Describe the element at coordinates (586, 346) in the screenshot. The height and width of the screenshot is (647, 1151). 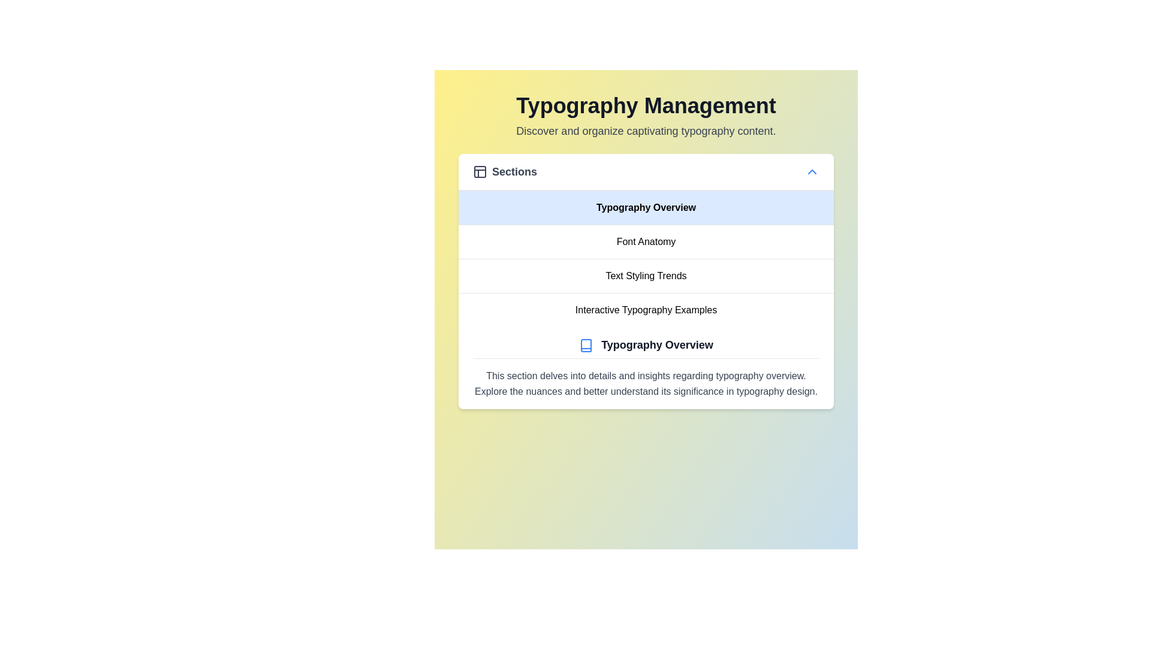
I see `Typography Overview icon located at the start of the 'Typography Overview' text to gather details about its functionality and visual representation` at that location.